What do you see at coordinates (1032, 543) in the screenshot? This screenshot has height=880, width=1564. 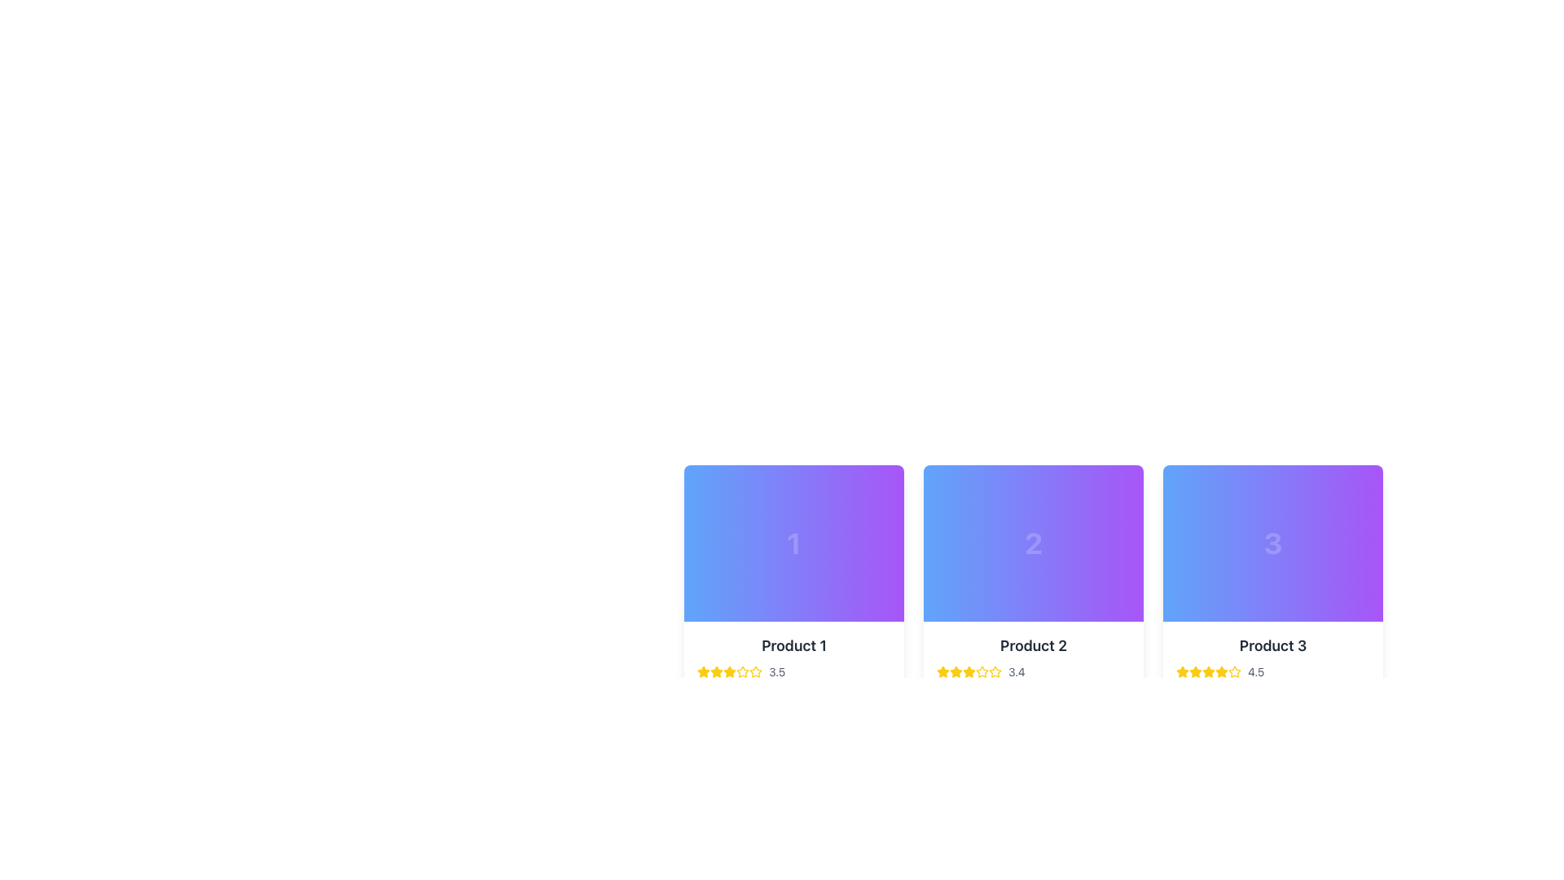 I see `the decorative panel serving as a product identifier located above 'Product 2' in the central section of the layout` at bounding box center [1032, 543].